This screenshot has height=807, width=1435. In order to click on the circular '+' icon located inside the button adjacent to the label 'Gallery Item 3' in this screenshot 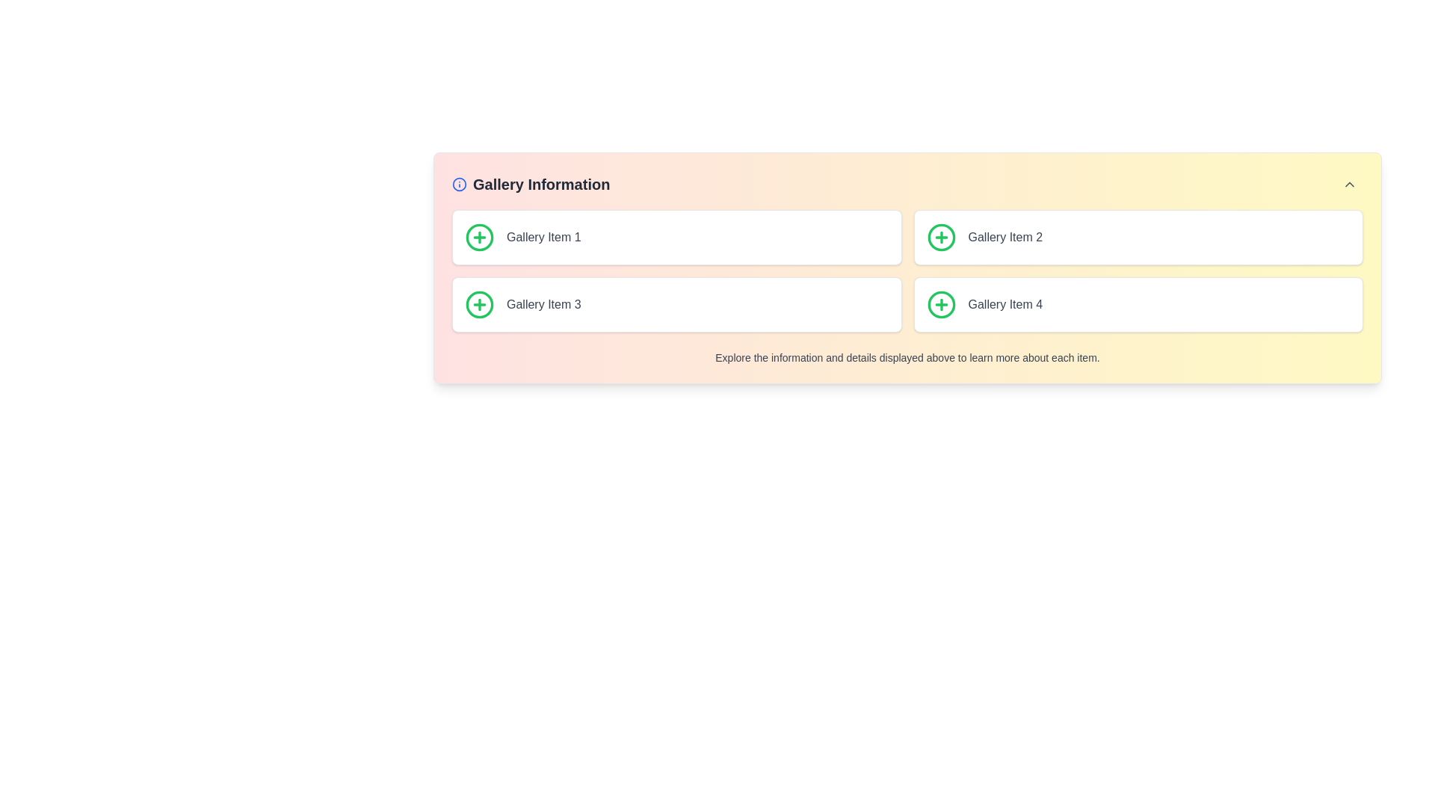, I will do `click(480, 304)`.